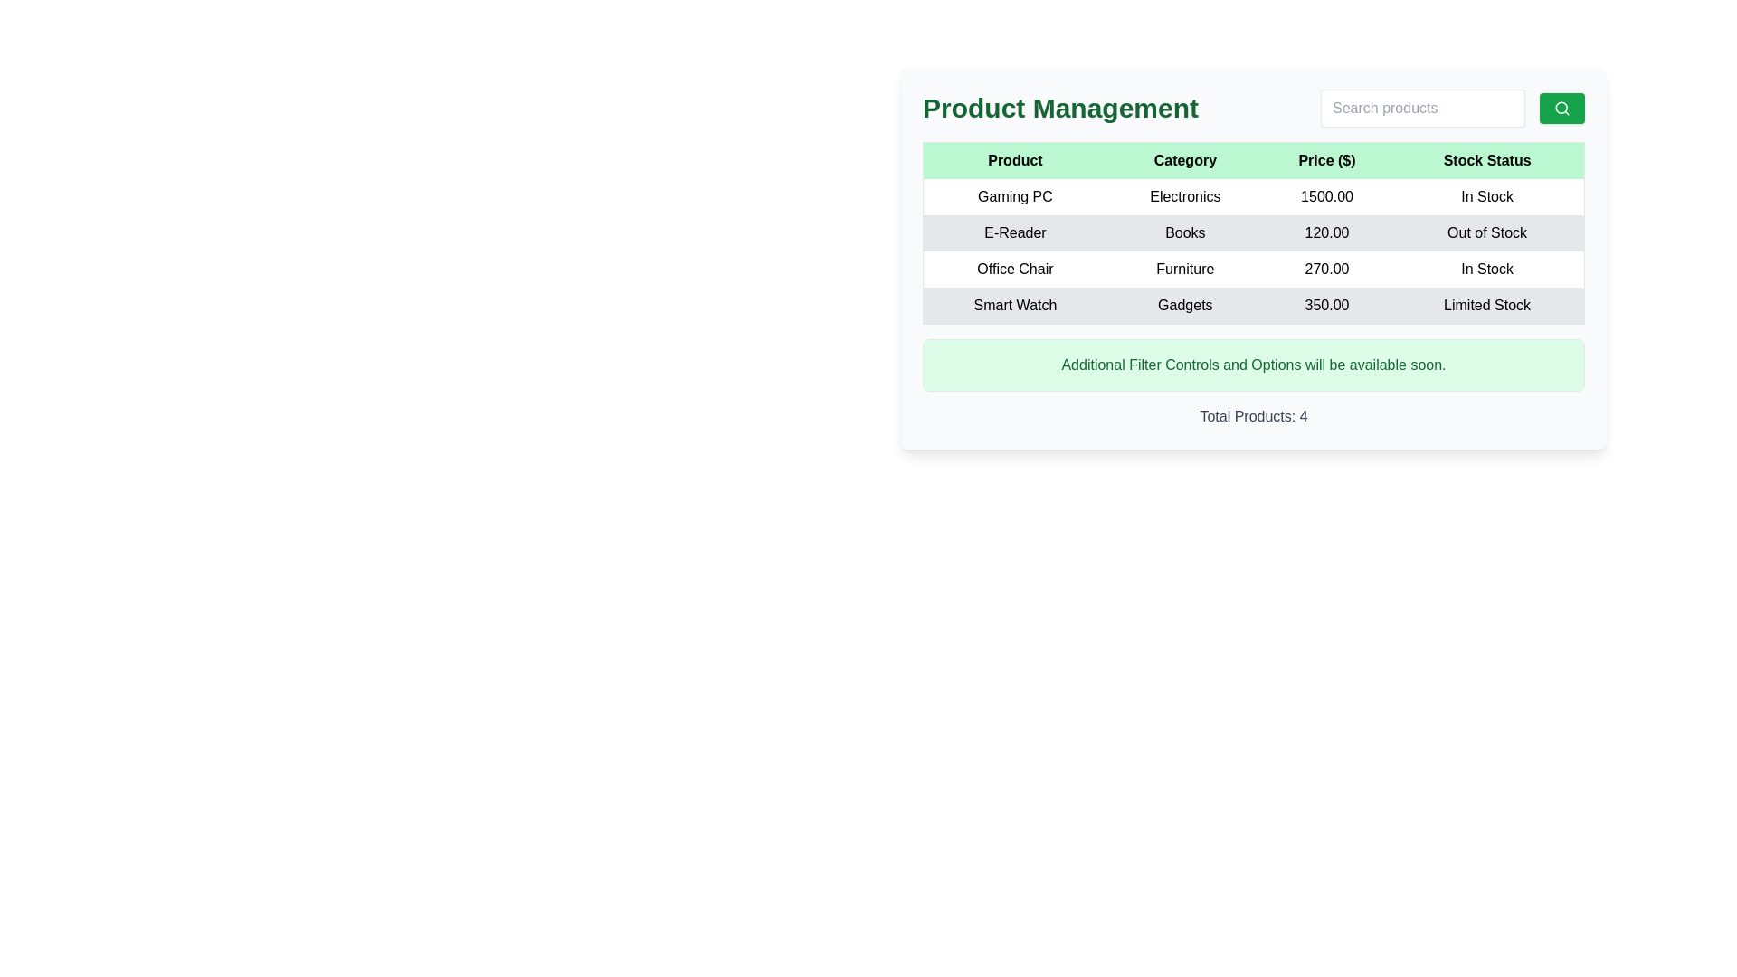  What do you see at coordinates (1015, 269) in the screenshot?
I see `the text label displaying 'Office Chair' in the first column of the table, styled with center-aligned black text` at bounding box center [1015, 269].